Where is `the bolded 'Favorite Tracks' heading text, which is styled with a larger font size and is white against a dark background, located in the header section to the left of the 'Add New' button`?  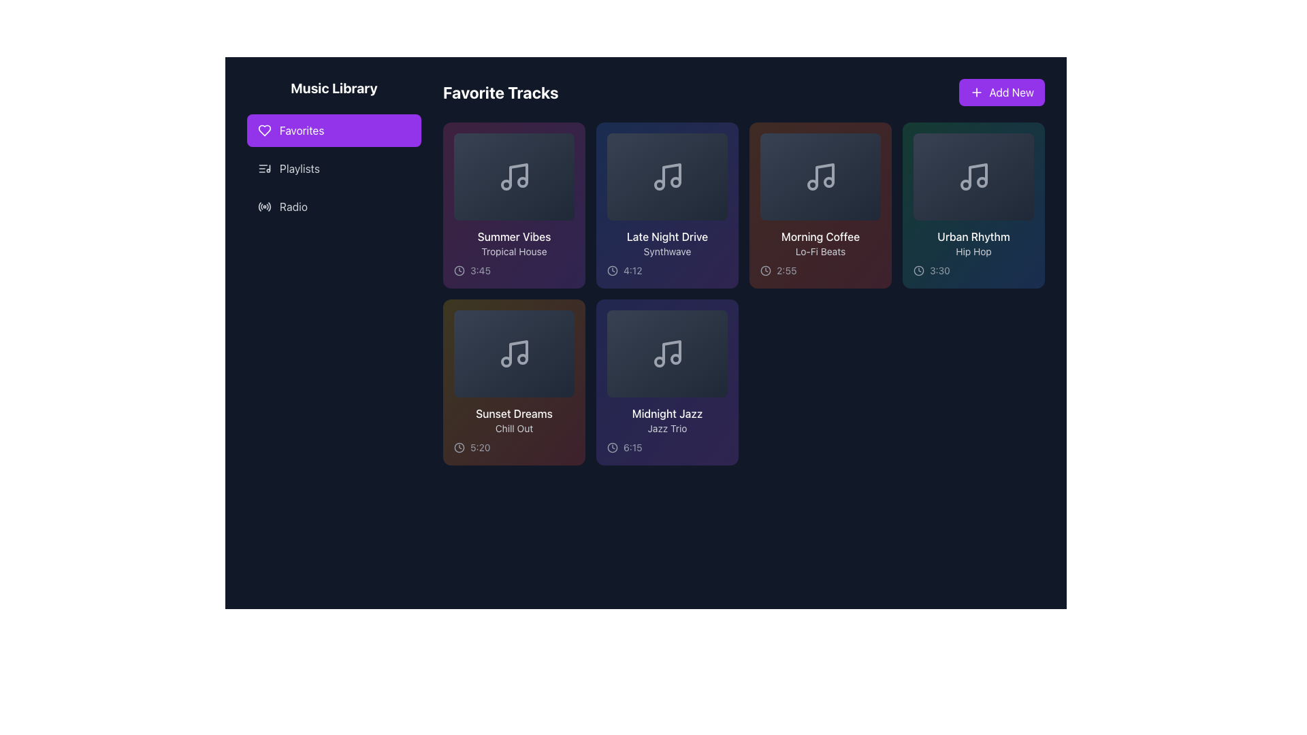
the bolded 'Favorite Tracks' heading text, which is styled with a larger font size and is white against a dark background, located in the header section to the left of the 'Add New' button is located at coordinates (500, 92).